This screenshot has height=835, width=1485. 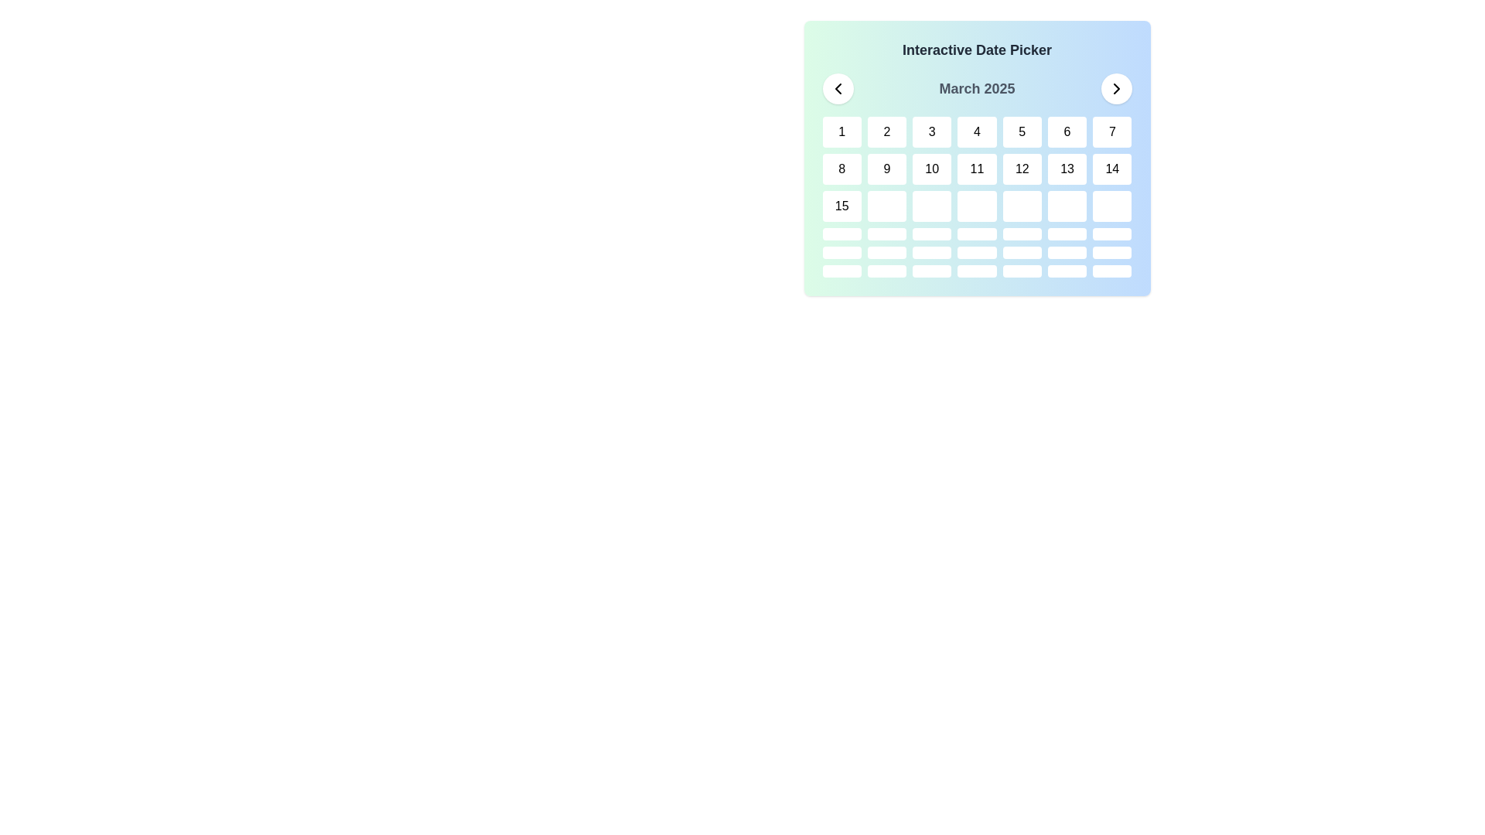 What do you see at coordinates (837, 89) in the screenshot?
I see `the navigation button to the left of the displayed month text ('March 2025') in the date picker interface` at bounding box center [837, 89].